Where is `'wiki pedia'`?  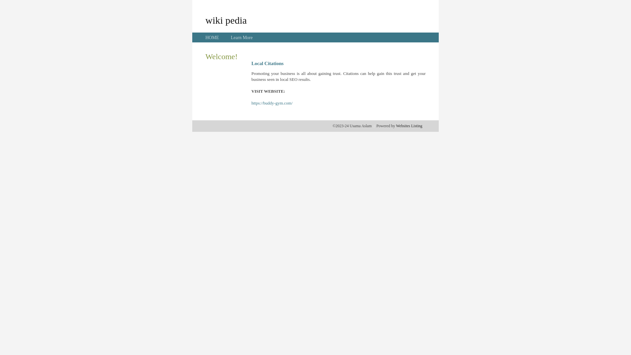 'wiki pedia' is located at coordinates (226, 20).